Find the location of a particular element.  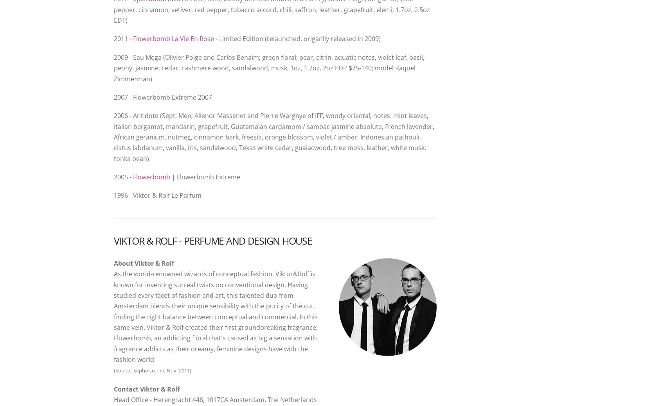

'- Limited Edition (relaunched, origanlly released in 2009)' is located at coordinates (297, 38).